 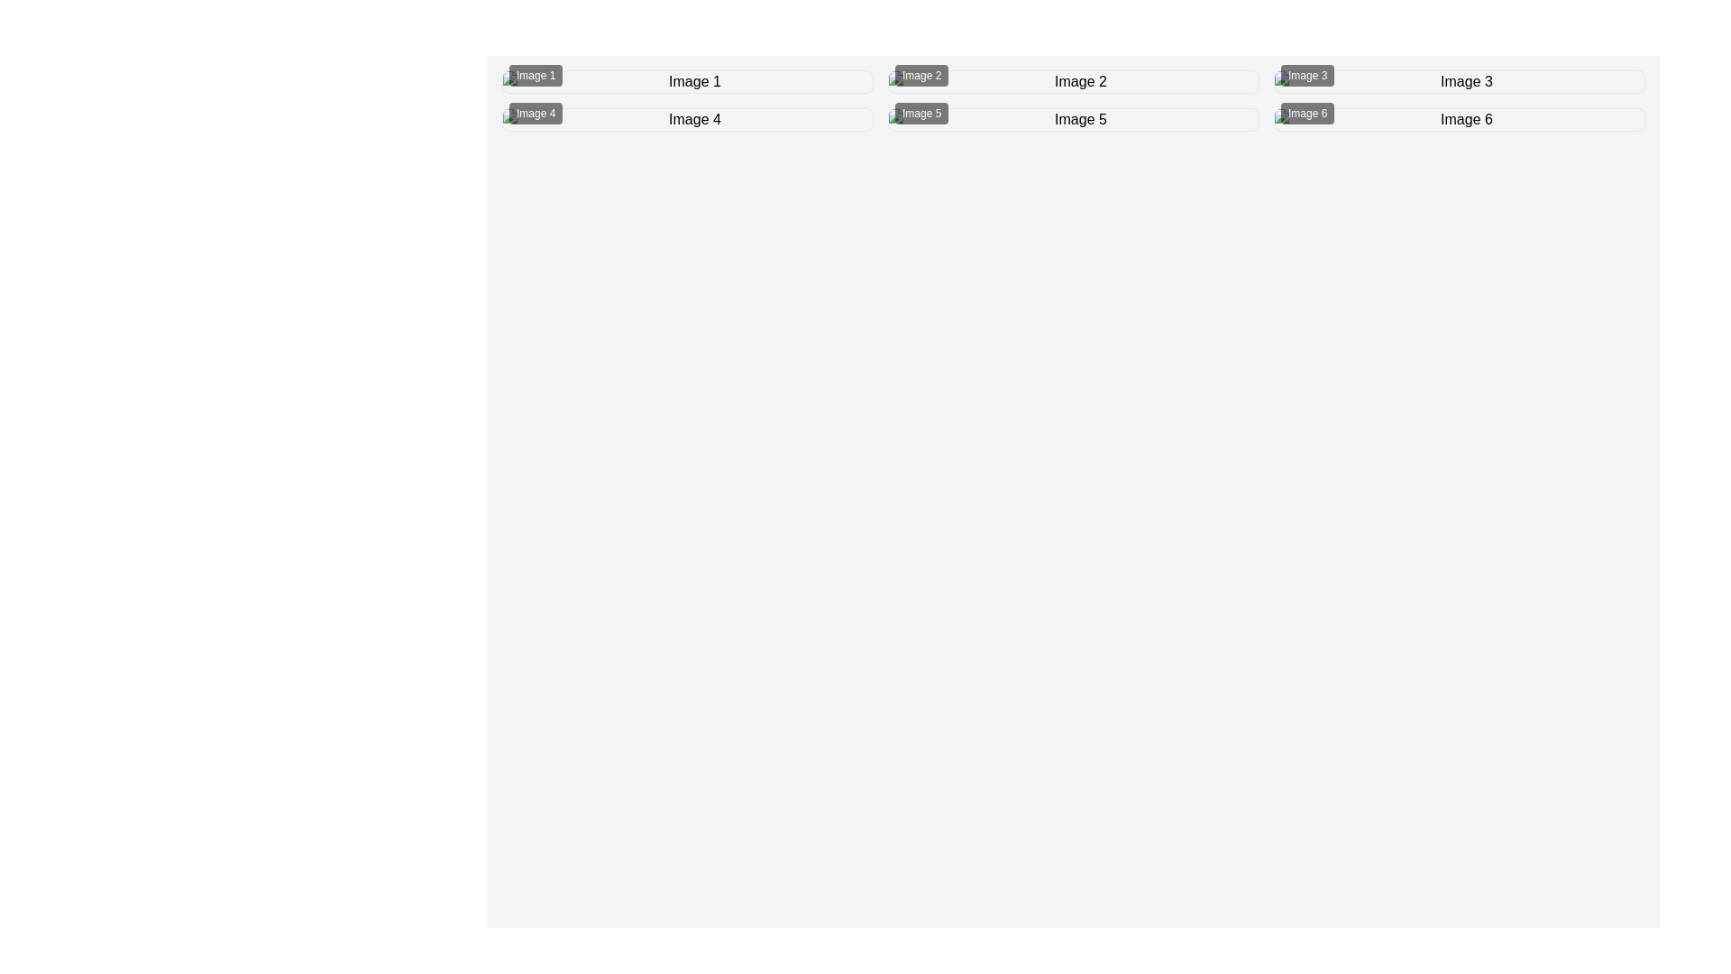 I want to click on the image thumbnail labeled 'Image 4' which has a semi-transparent black caption overlay and rounded corners, located in the leftmost column of the second row of a grid layout, so click(x=687, y=119).